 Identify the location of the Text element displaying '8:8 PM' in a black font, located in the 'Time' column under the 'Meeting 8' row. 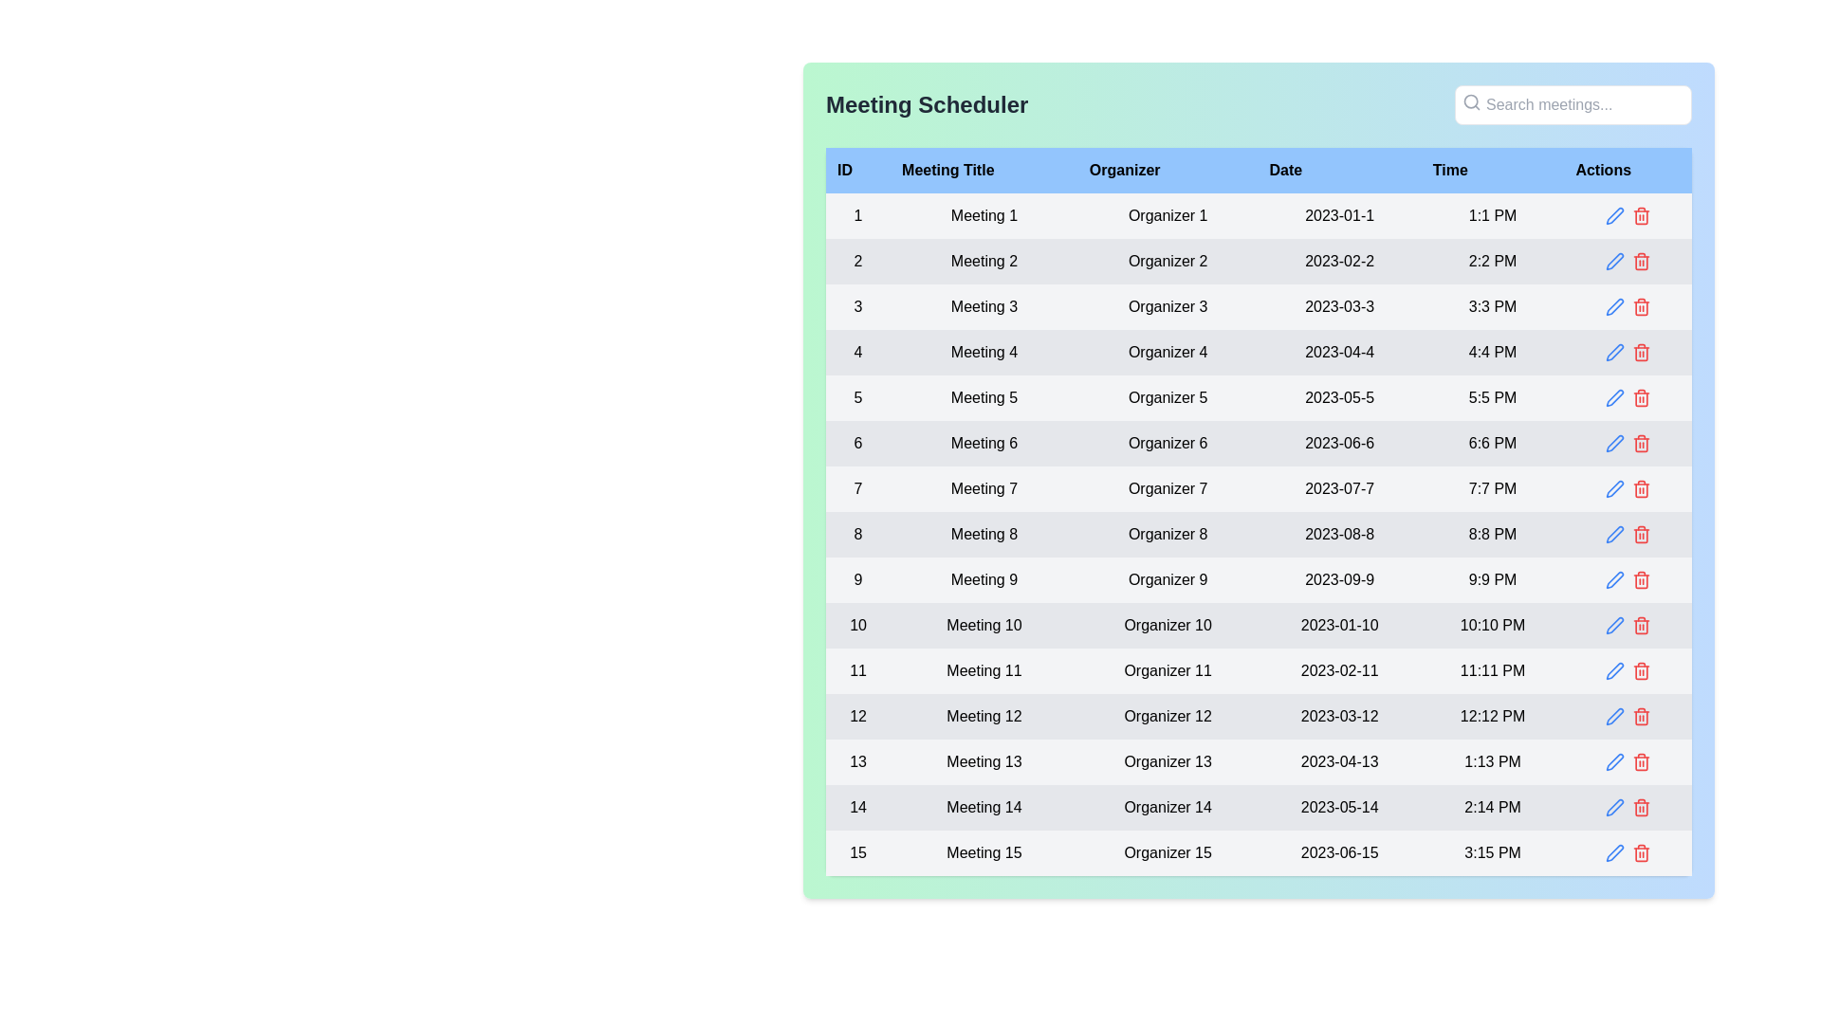
(1492, 534).